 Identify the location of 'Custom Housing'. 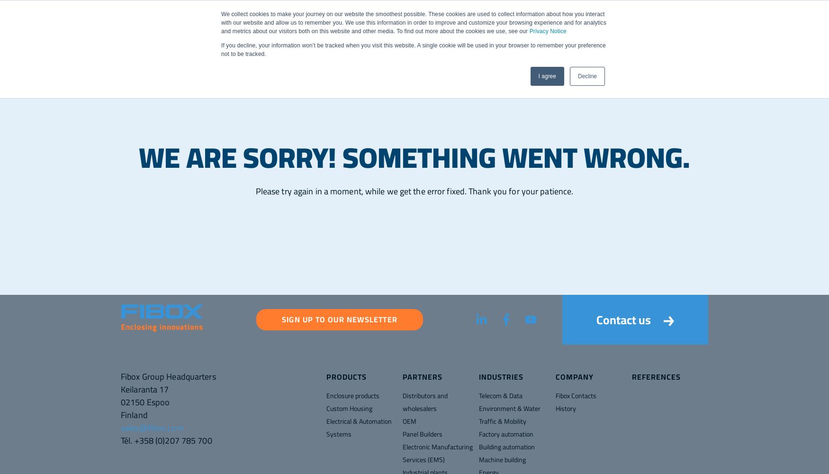
(326, 408).